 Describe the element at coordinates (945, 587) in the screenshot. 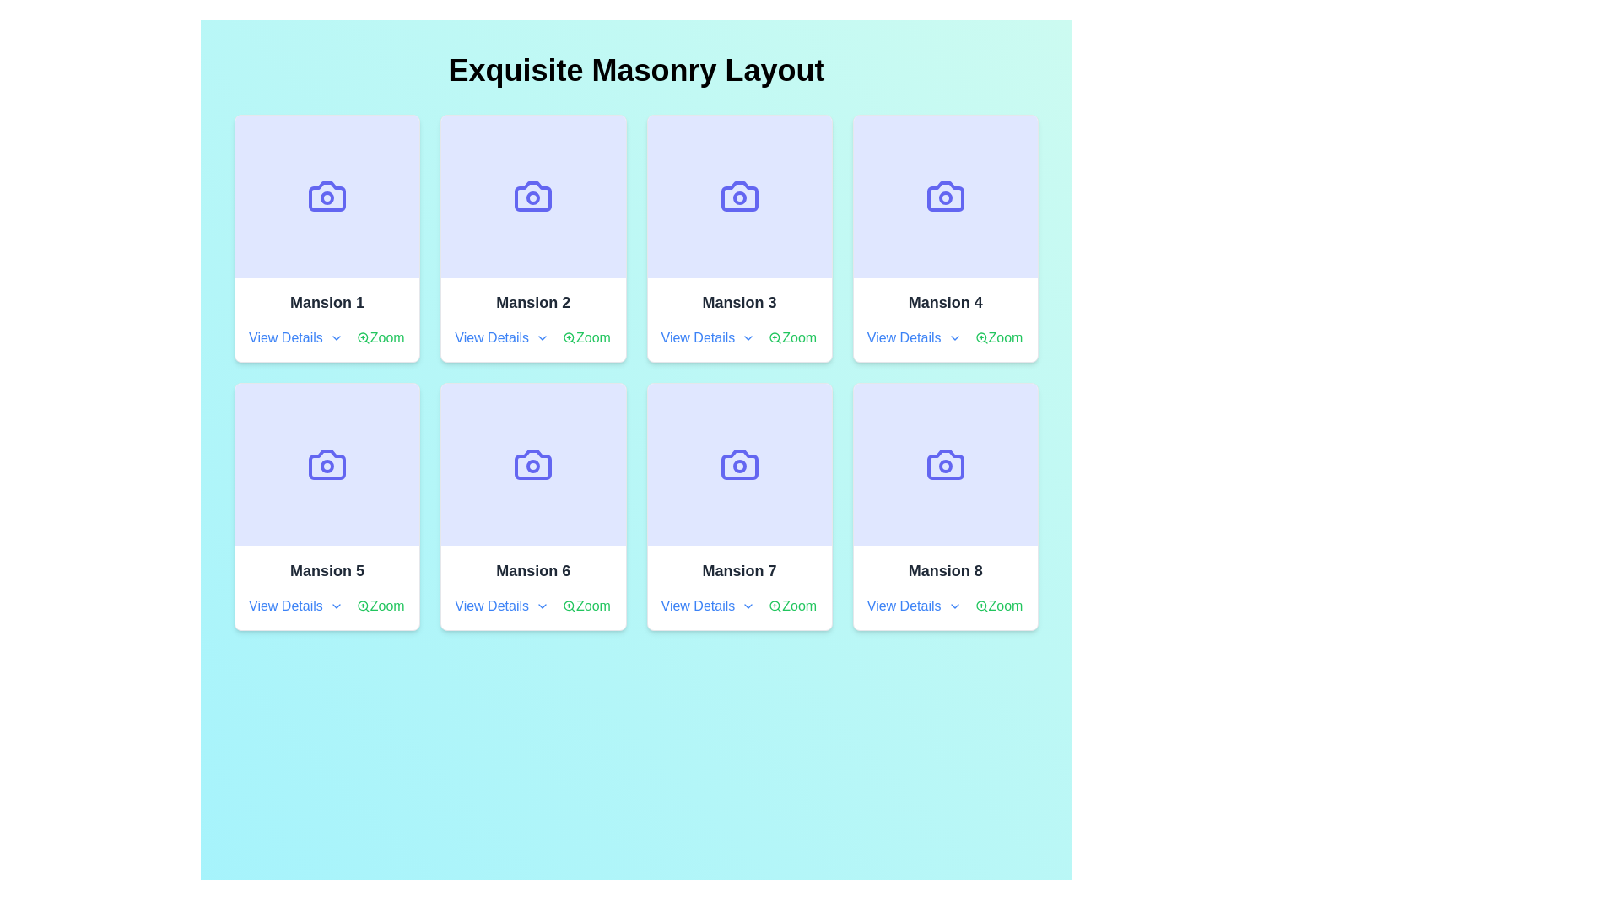

I see `the interactive links in the 'Mansion 8' information card located in the bottom-right corner of the layout` at that location.